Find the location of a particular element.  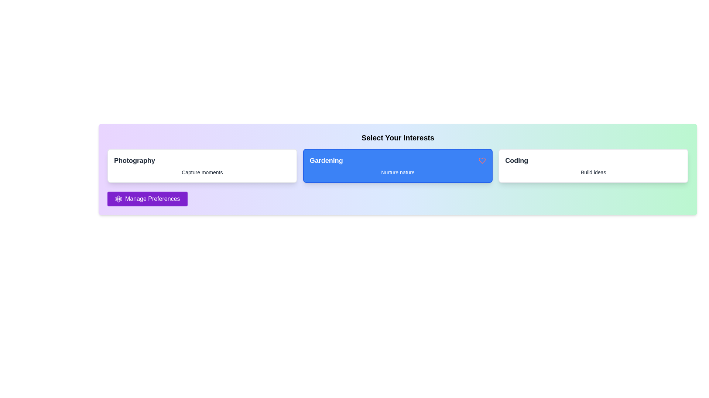

the interest item Gardening is located at coordinates (397, 166).